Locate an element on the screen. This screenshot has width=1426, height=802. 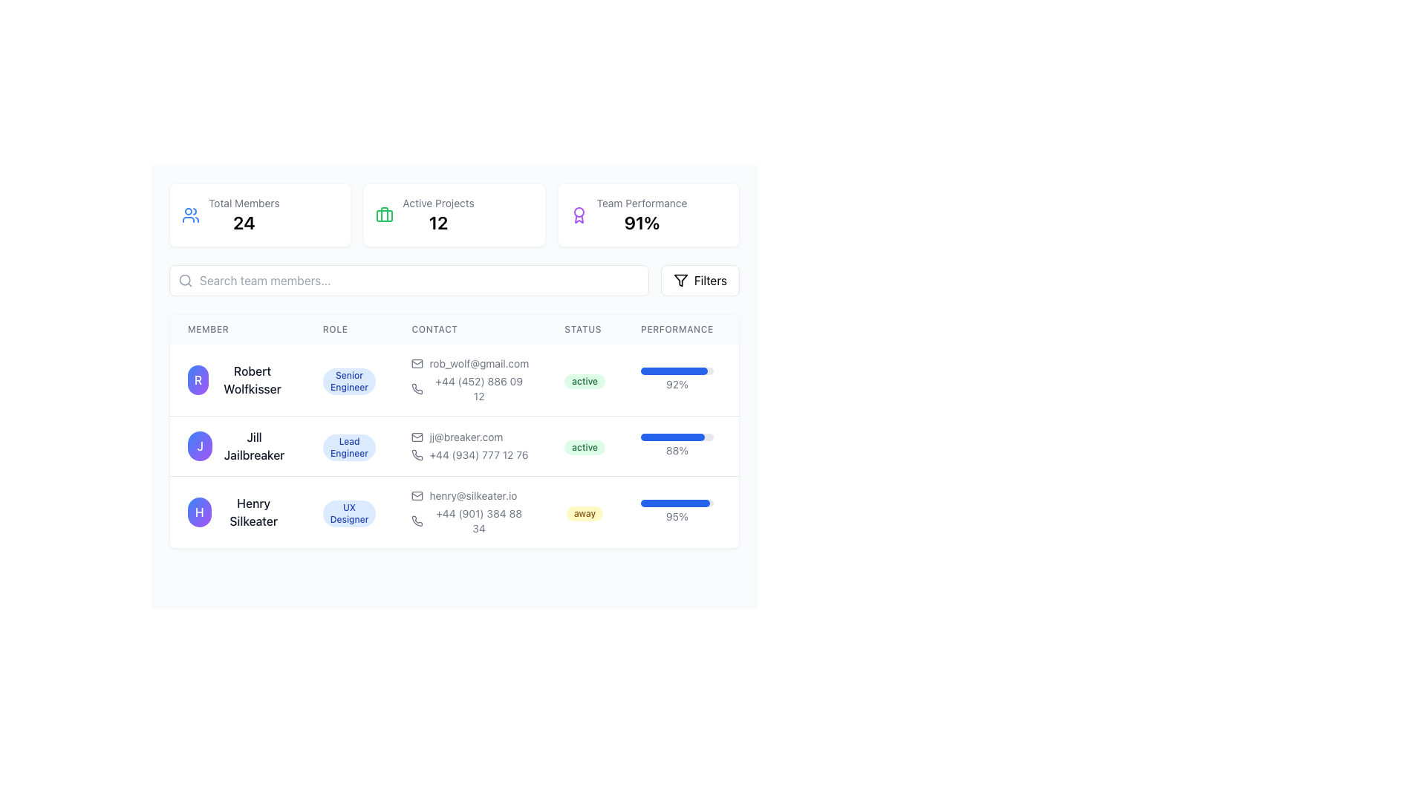
the text label displaying the performance score for 'Henry Silkeater', which is located in the 'Performance' column to the right of a blue progress bar is located at coordinates (677, 515).